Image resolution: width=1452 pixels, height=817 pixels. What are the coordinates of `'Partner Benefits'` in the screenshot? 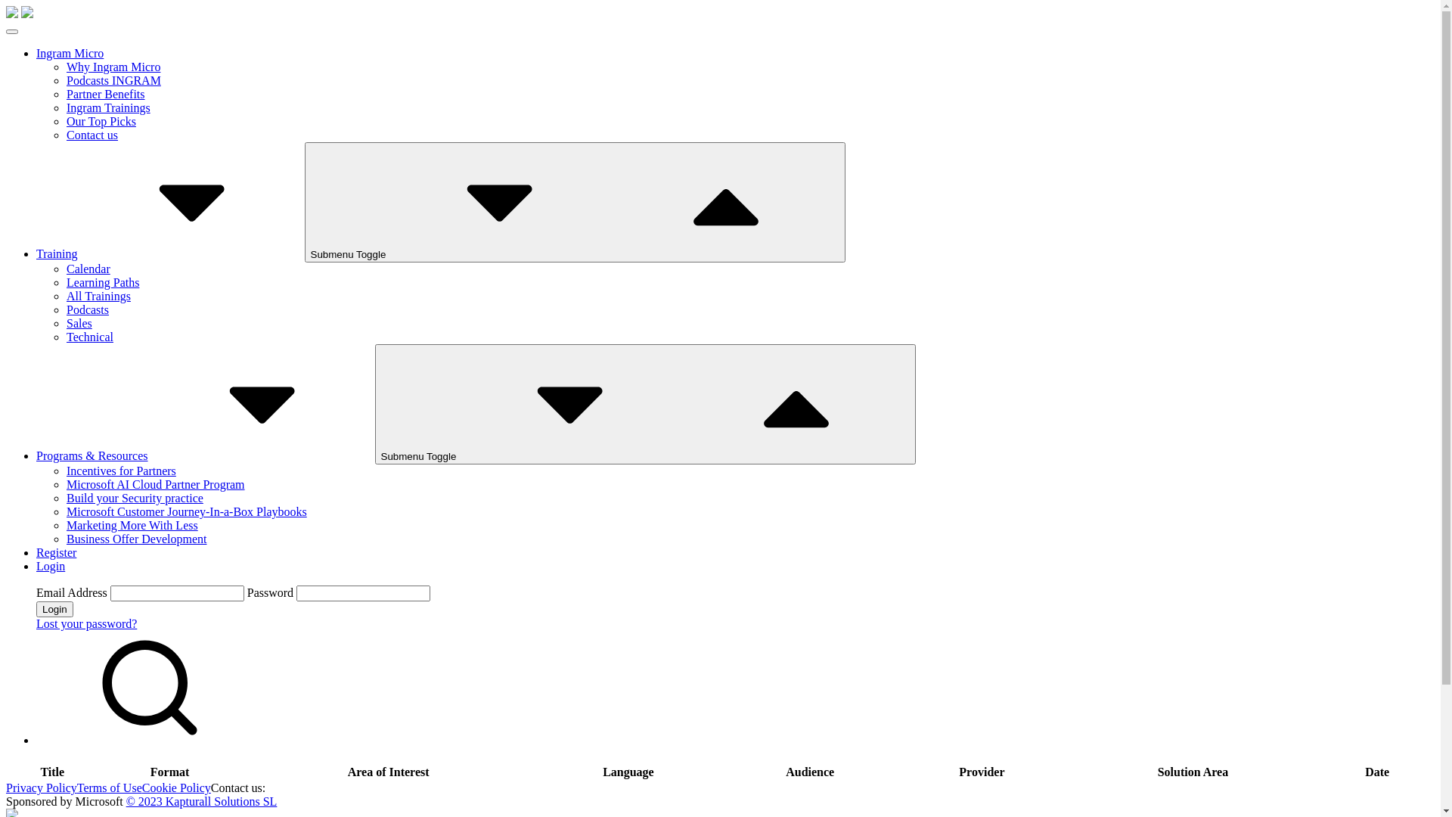 It's located at (65, 94).